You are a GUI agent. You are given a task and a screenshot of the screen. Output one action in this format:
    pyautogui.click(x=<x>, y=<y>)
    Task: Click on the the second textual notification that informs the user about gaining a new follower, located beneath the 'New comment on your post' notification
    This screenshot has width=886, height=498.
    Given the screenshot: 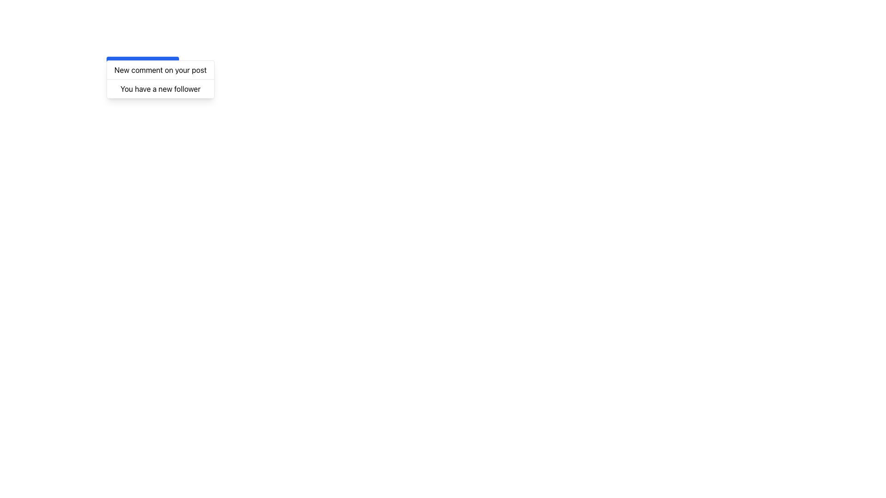 What is the action you would take?
    pyautogui.click(x=160, y=89)
    